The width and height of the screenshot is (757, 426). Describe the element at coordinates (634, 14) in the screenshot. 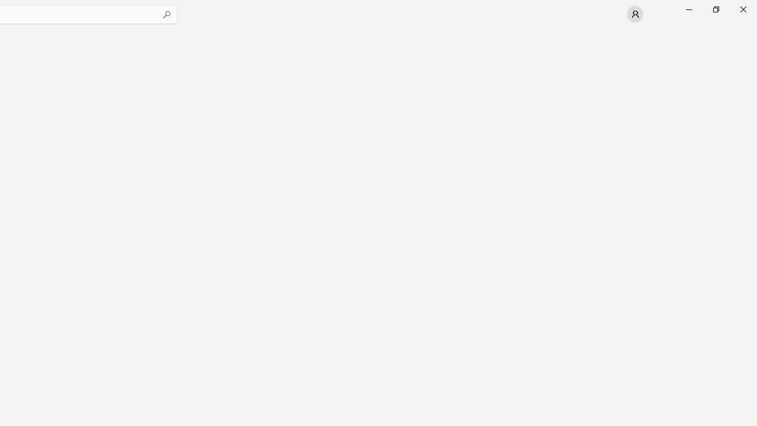

I see `'User profile'` at that location.